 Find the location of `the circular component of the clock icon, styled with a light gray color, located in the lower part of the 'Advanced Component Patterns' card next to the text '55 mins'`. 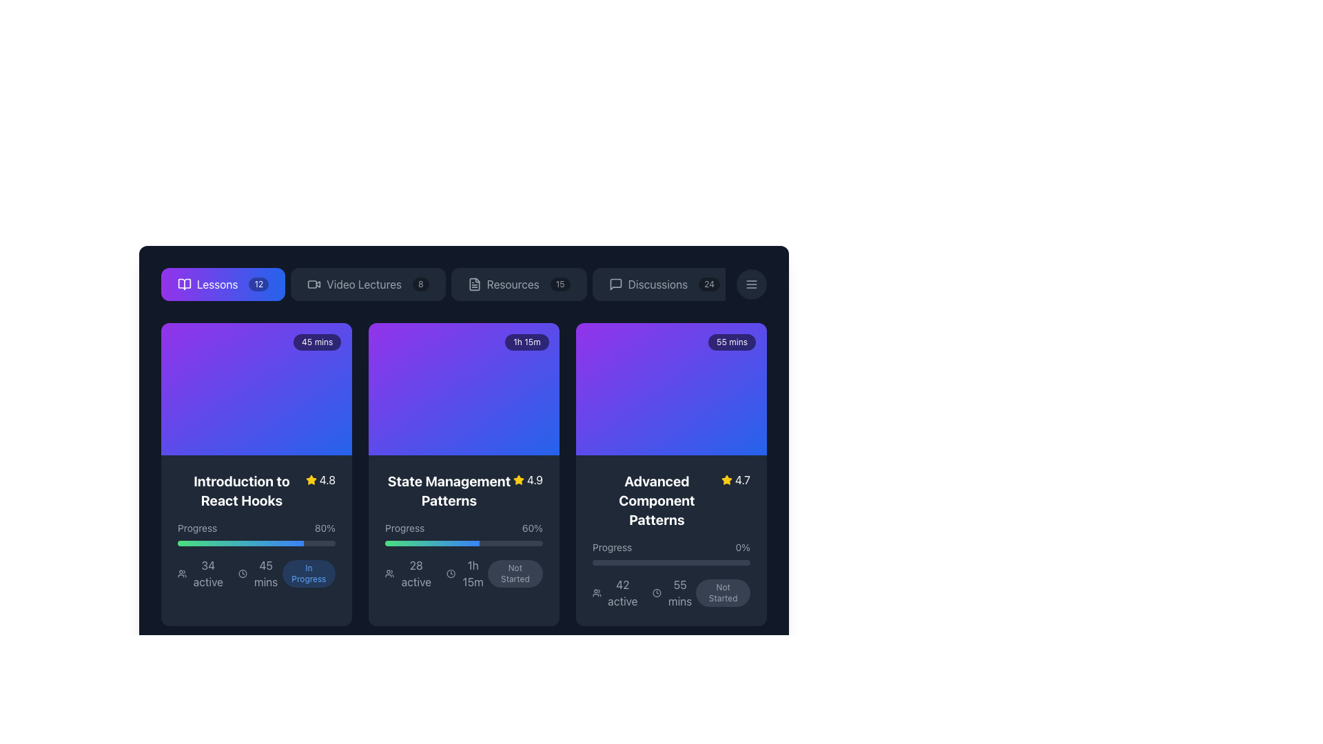

the circular component of the clock icon, styled with a light gray color, located in the lower part of the 'Advanced Component Patterns' card next to the text '55 mins' is located at coordinates (656, 592).